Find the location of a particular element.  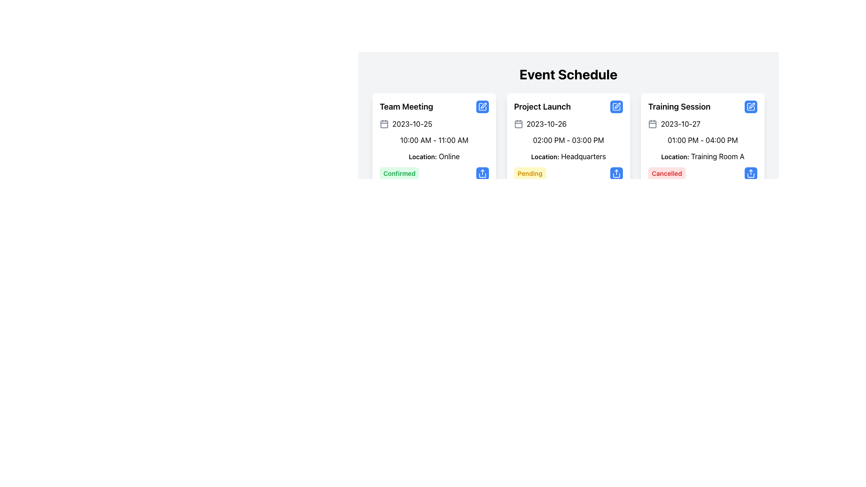

the small gray calendar icon located to the left of the date '2023-10-27' in the third card of the 'Event Schedule' display to interact with it is located at coordinates (653, 124).